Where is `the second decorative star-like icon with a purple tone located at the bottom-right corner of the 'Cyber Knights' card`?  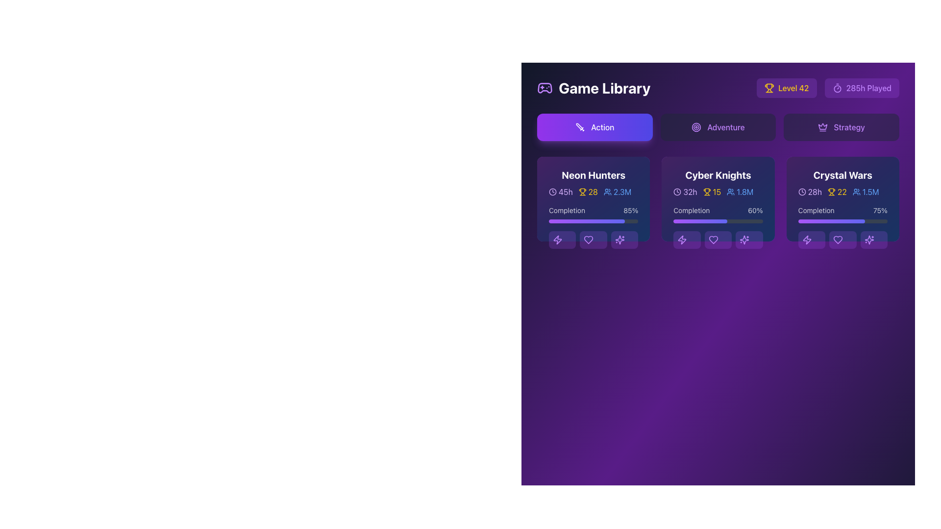
the second decorative star-like icon with a purple tone located at the bottom-right corner of the 'Cyber Knights' card is located at coordinates (744, 240).